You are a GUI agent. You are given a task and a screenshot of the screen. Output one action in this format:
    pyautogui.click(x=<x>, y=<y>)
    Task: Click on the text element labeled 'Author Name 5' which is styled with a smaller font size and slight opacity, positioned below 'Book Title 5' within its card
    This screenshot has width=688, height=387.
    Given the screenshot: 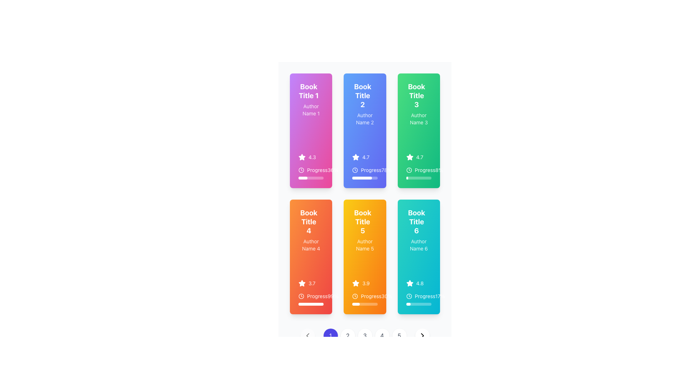 What is the action you would take?
    pyautogui.click(x=365, y=244)
    